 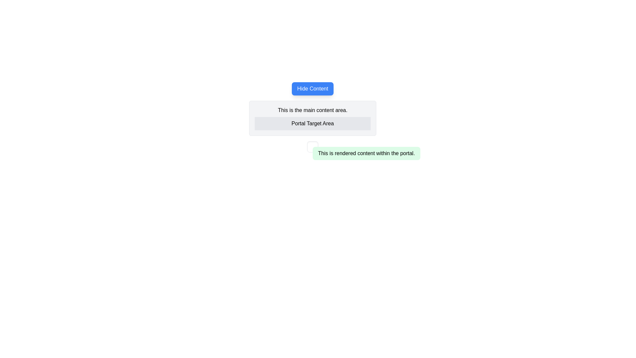 I want to click on text segment displaying 'This is the main content area.' which is centered in alignment and located above the 'Portal Target Area.', so click(x=312, y=110).